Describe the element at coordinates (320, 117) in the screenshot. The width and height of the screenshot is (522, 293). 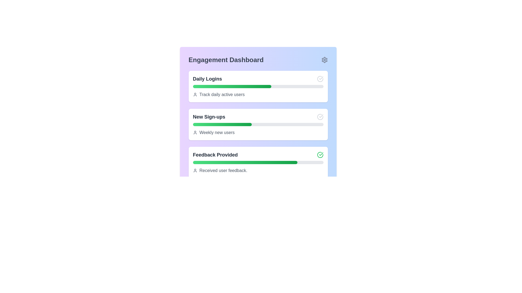
I see `the gray check mark icon in the 'New Sign-ups' section of the dashboard for status indication` at that location.